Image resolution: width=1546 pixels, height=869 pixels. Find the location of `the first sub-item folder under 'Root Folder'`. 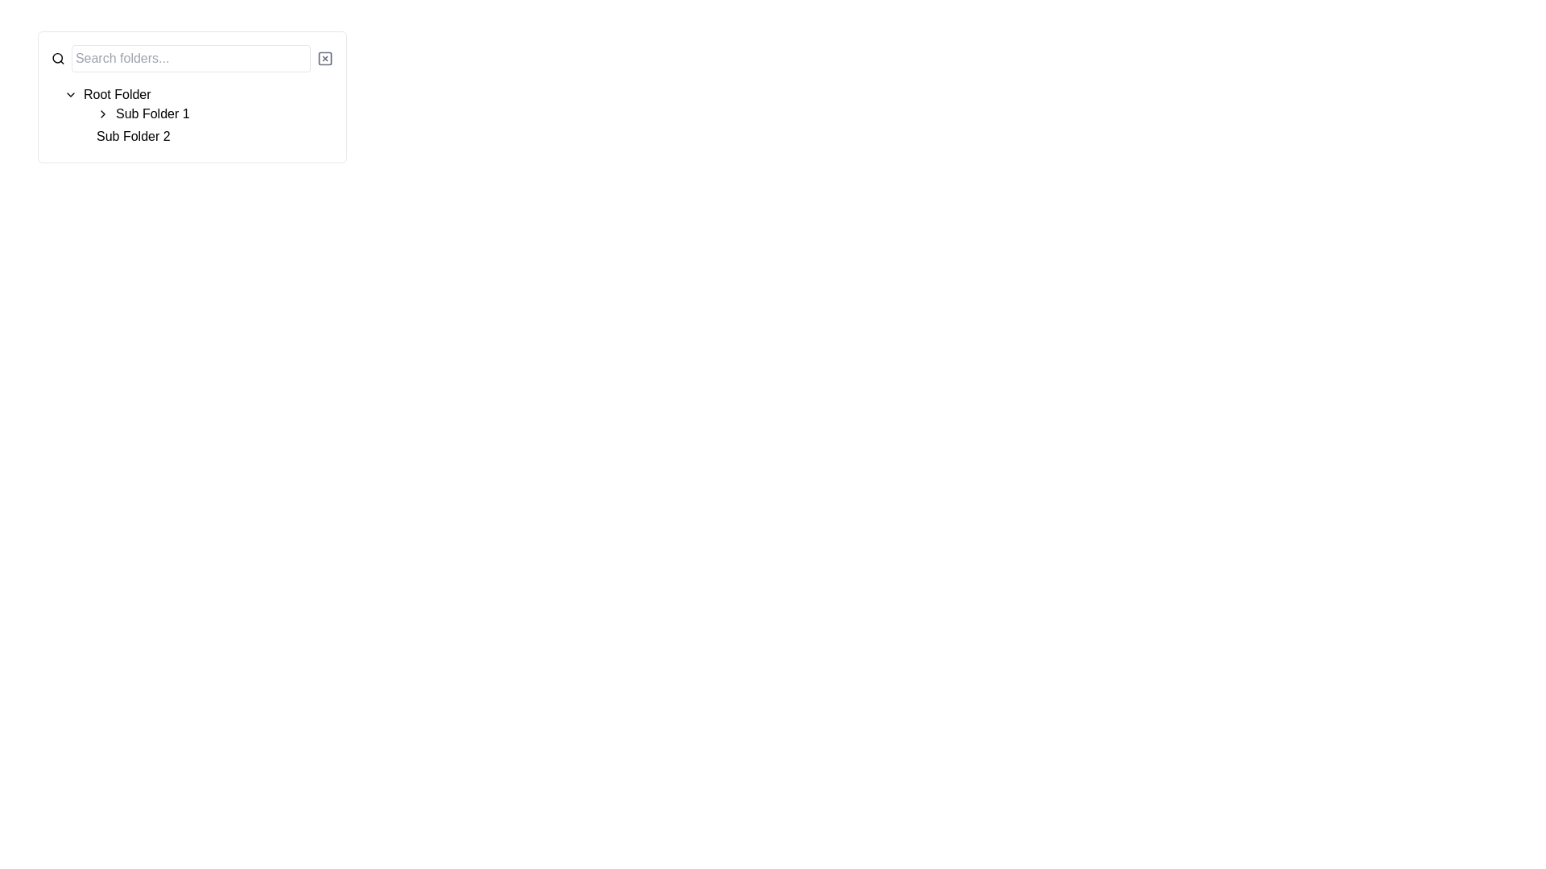

the first sub-item folder under 'Root Folder' is located at coordinates (152, 113).